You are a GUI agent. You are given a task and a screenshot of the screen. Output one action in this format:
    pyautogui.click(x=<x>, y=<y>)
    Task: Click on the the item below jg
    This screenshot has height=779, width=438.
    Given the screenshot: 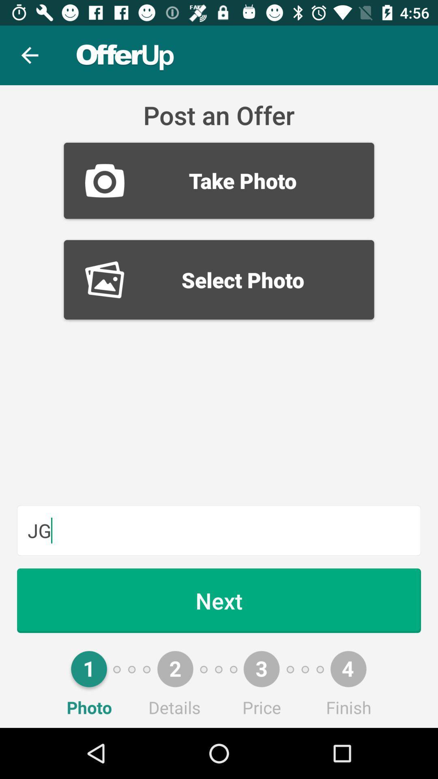 What is the action you would take?
    pyautogui.click(x=219, y=600)
    